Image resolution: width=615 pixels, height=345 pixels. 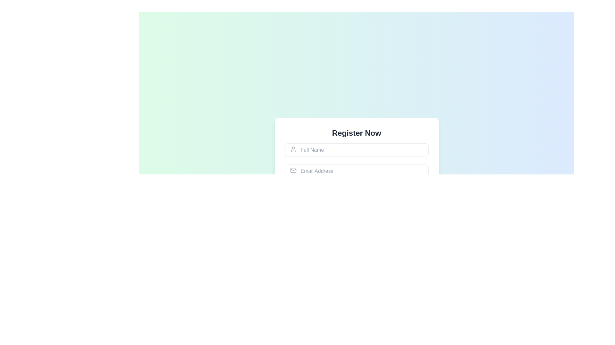 What do you see at coordinates (293, 170) in the screenshot?
I see `the decorative rectangle icon that symbolizes email communication, located beside the 'Email Address' input field` at bounding box center [293, 170].